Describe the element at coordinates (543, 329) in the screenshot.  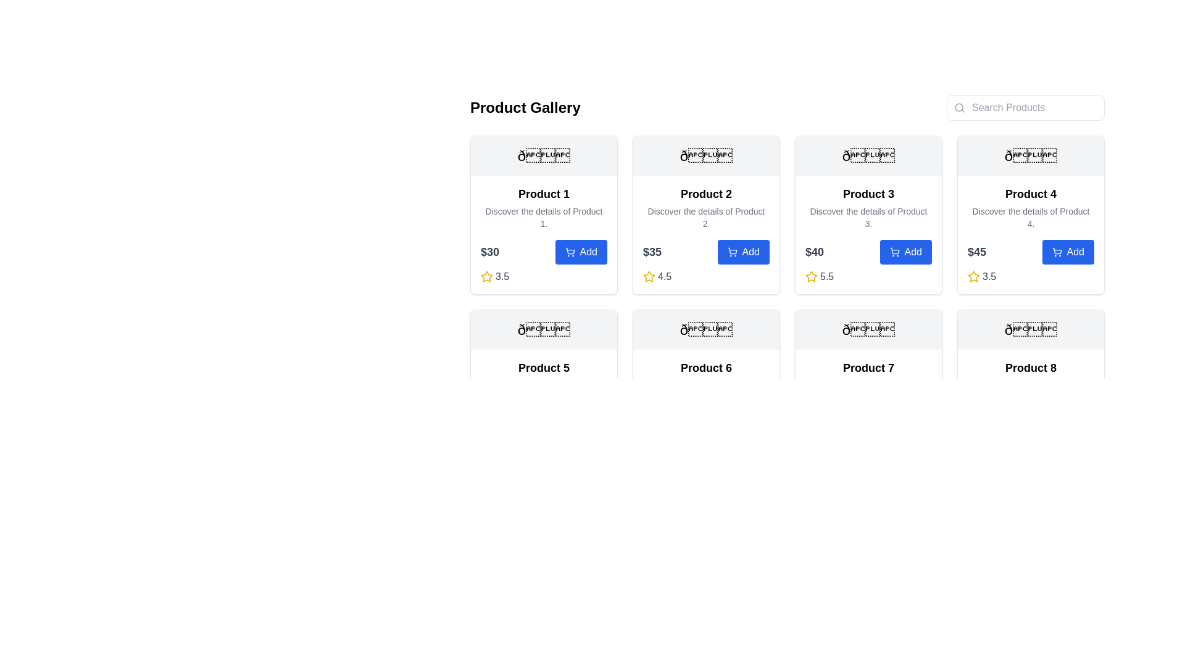
I see `the decorative graphical component located at the top of the 'Product 5' card, which is centered horizontally above the product name` at that location.